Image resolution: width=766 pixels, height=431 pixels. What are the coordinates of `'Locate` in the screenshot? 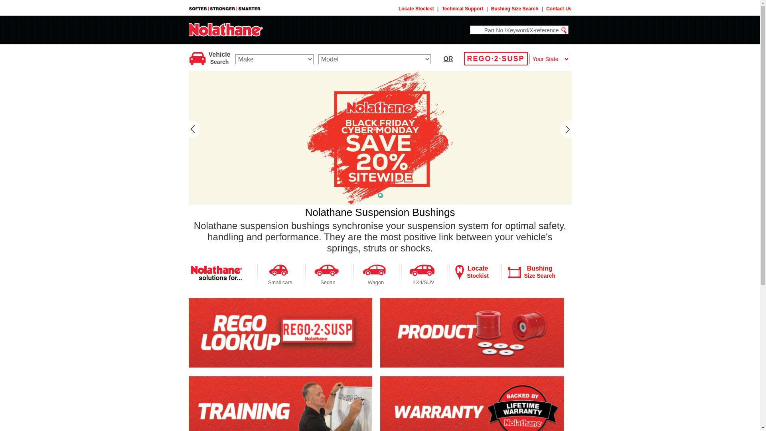 It's located at (477, 271).